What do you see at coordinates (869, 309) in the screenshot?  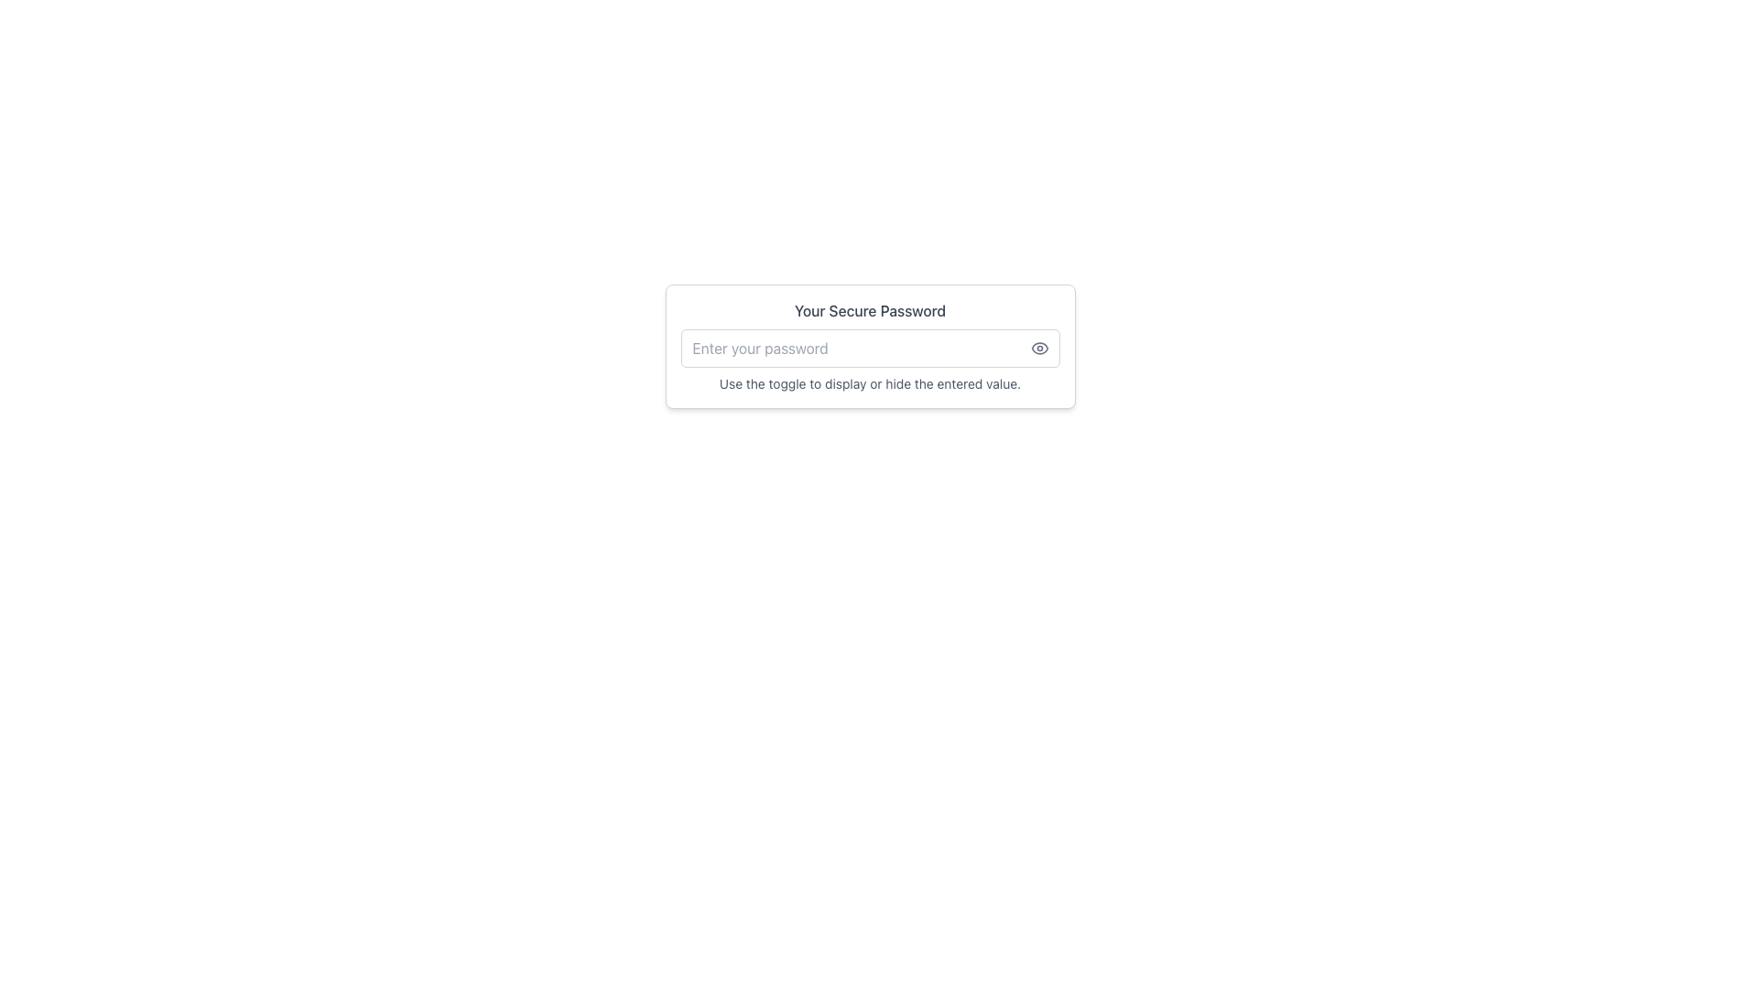 I see `the label indicating the purpose of the password input field, which is centrally aligned above the input and toggle elements` at bounding box center [869, 309].